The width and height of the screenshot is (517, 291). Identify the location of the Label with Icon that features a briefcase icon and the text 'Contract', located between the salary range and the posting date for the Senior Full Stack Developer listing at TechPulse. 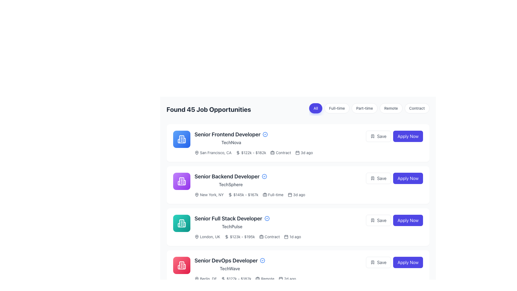
(270, 237).